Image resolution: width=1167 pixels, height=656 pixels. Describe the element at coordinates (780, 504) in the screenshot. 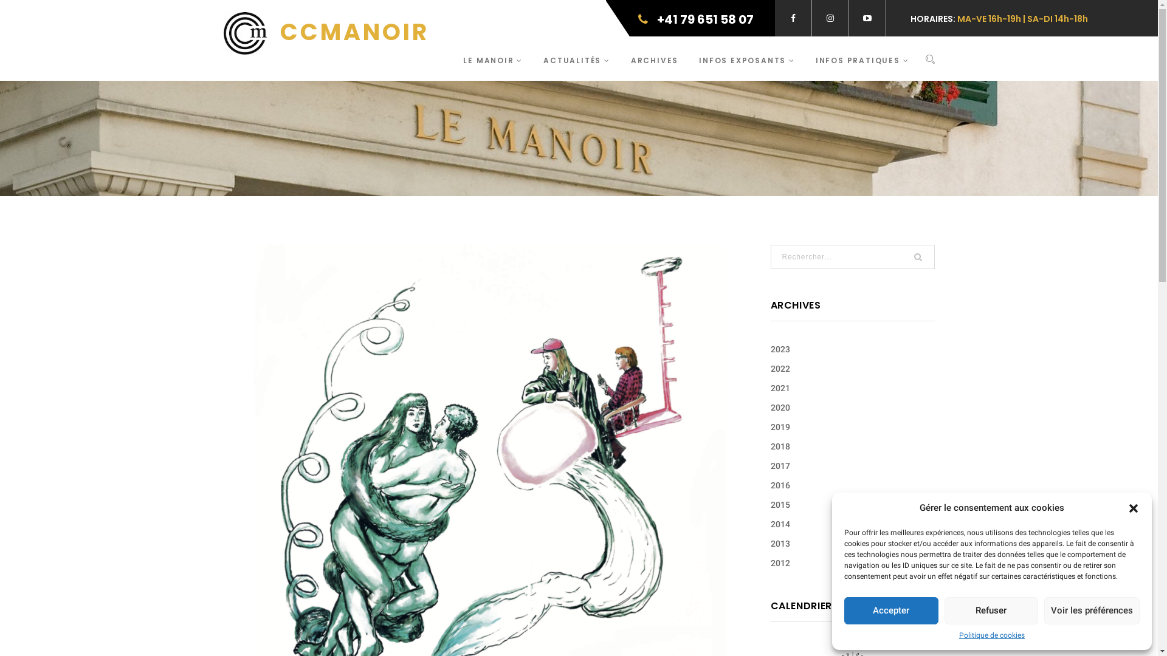

I see `'2015'` at that location.